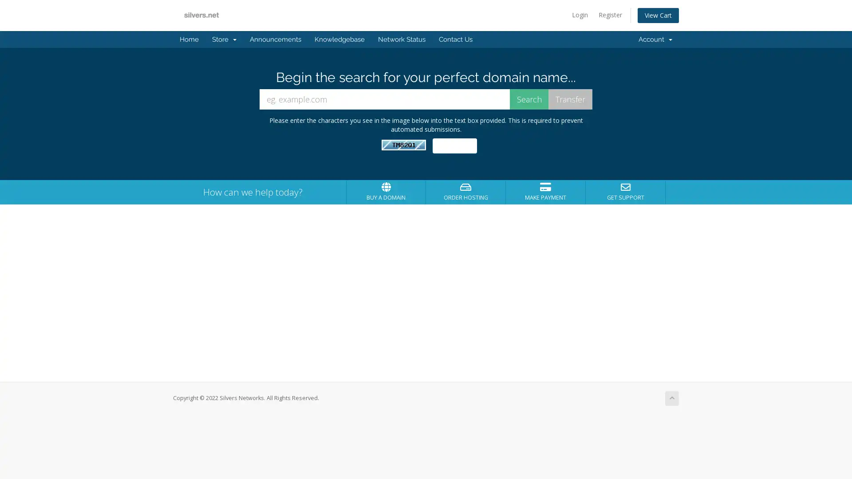 The image size is (852, 479). I want to click on Search, so click(529, 99).